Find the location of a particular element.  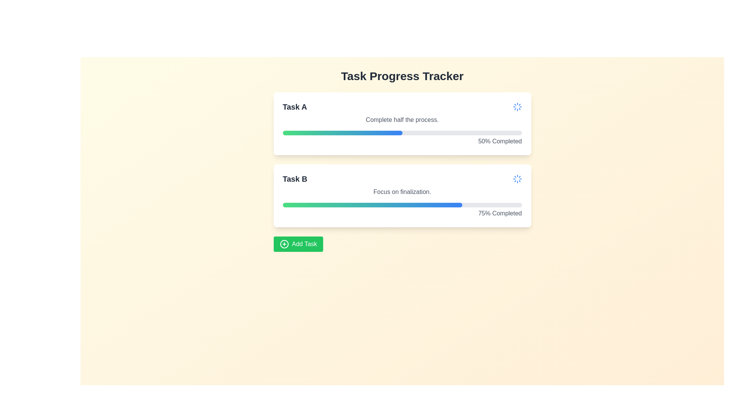

the circular icon with a plus sign, which is centered within the green 'Add Task' button is located at coordinates (284, 244).